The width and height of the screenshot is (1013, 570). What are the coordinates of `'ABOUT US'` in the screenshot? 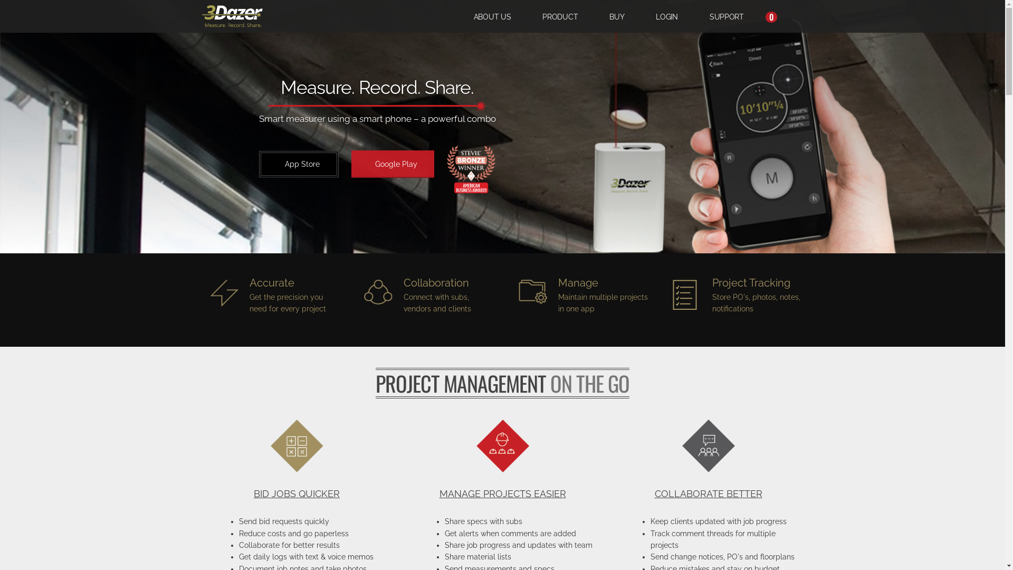 It's located at (492, 16).